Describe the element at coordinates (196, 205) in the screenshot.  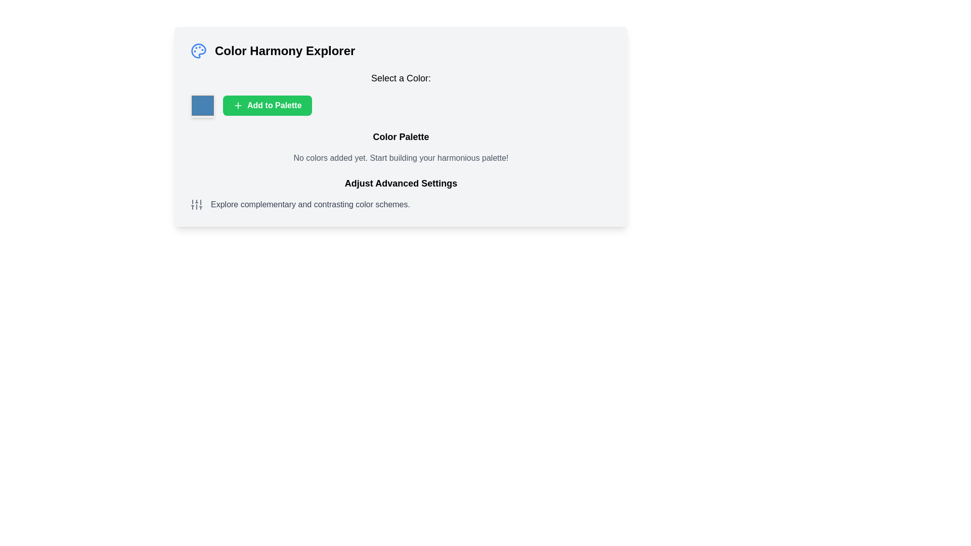
I see `the vertical sliders icon located in the lower-left corner of the visible area` at that location.